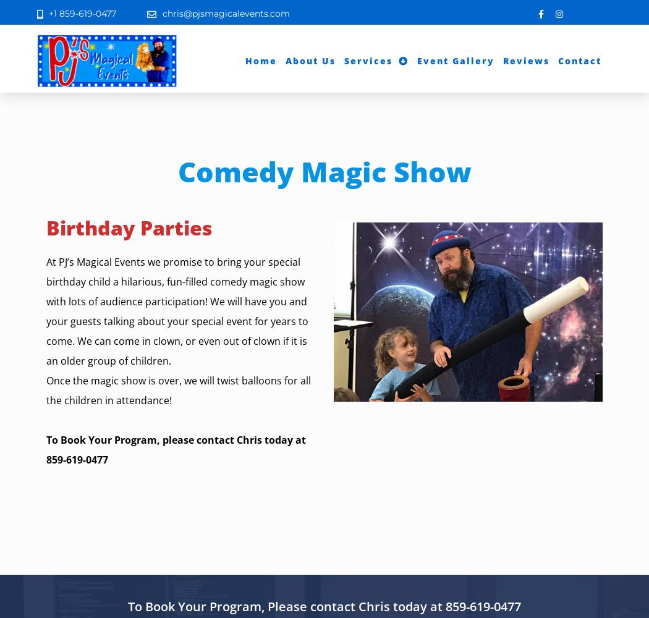  I want to click on 'To Book Your Program, please contact Chris today at 859-619-0477', so click(45, 449).